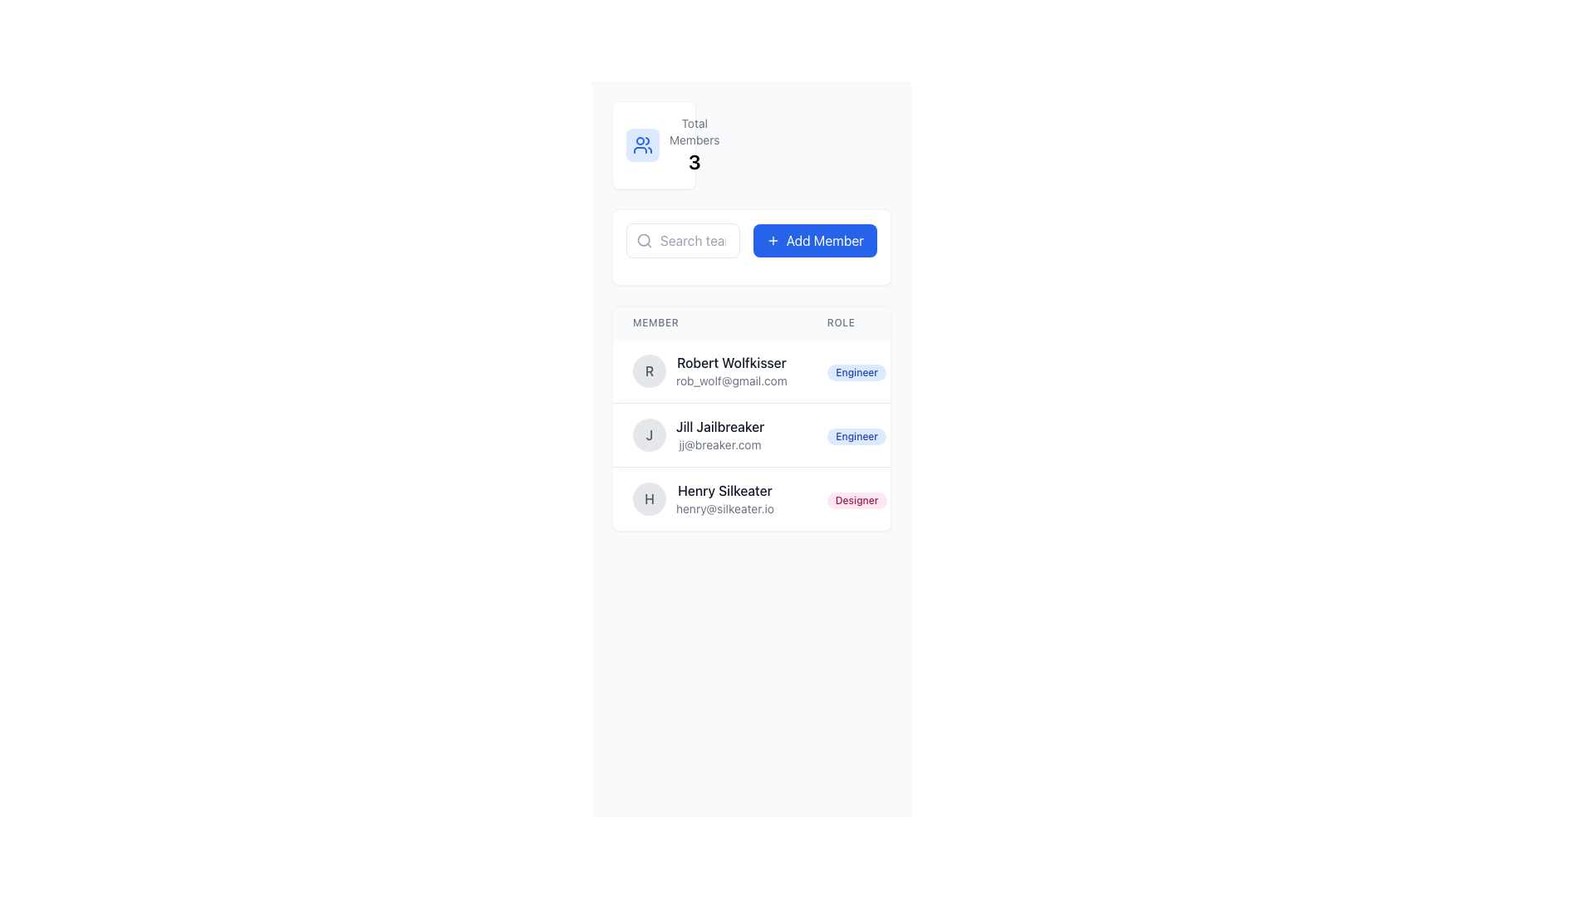 The image size is (1595, 897). Describe the element at coordinates (649, 498) in the screenshot. I see `the character 'H' styled in gray color` at that location.